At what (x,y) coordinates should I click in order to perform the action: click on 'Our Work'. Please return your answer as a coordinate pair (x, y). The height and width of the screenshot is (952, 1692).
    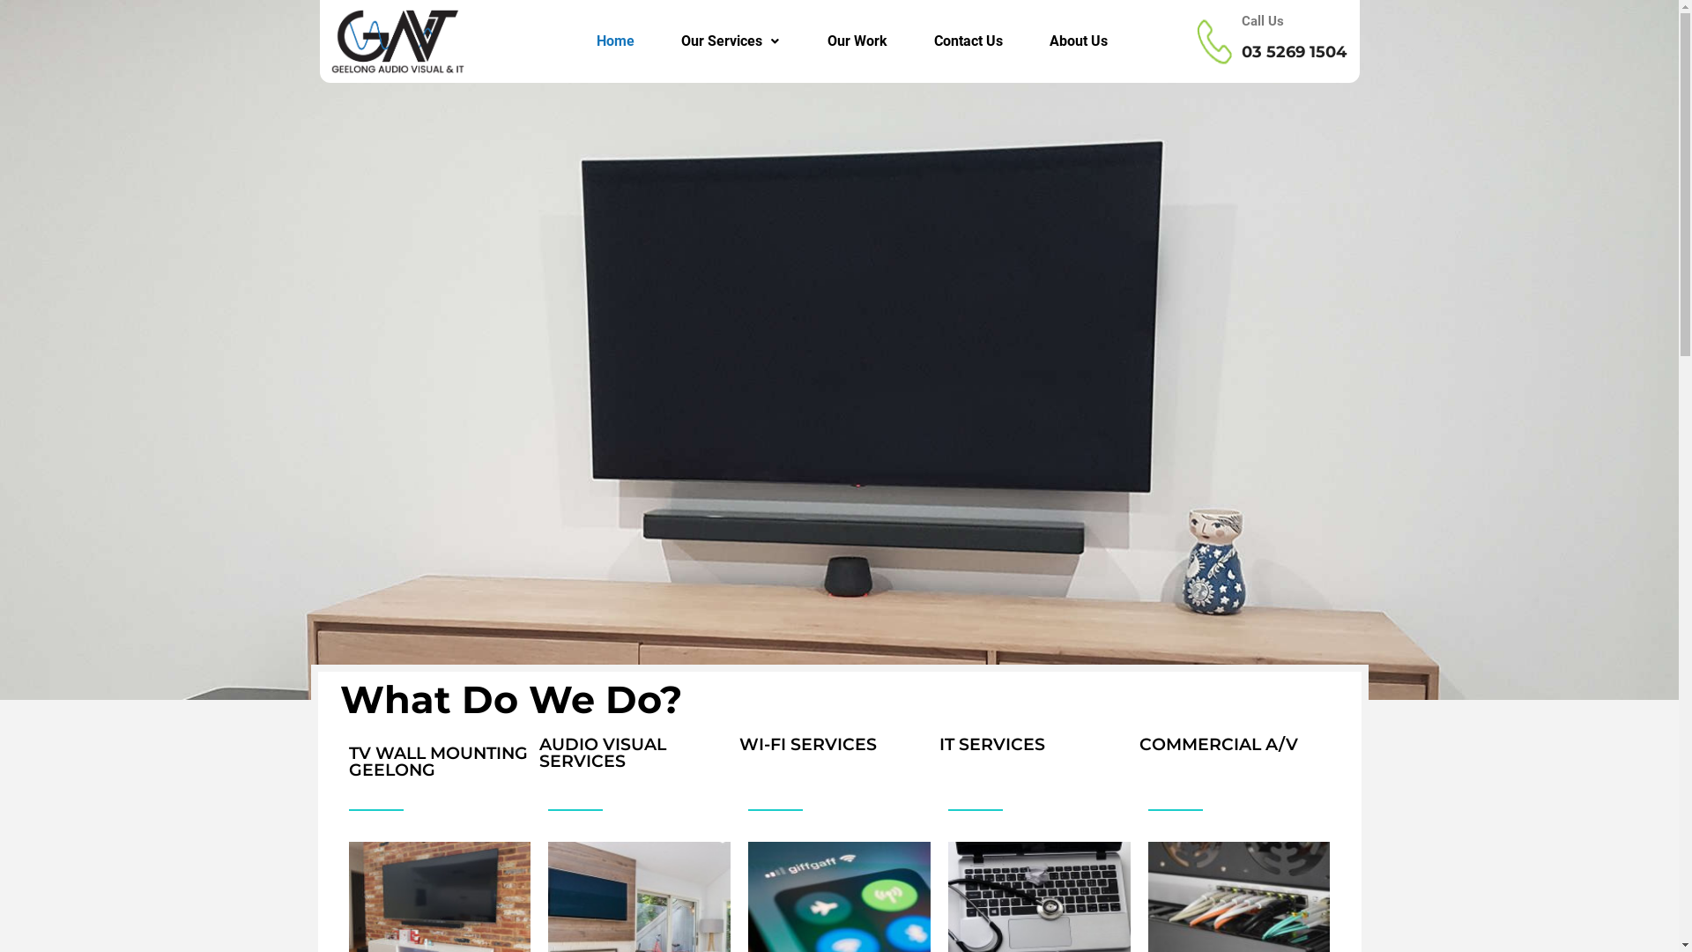
    Looking at the image, I should click on (857, 40).